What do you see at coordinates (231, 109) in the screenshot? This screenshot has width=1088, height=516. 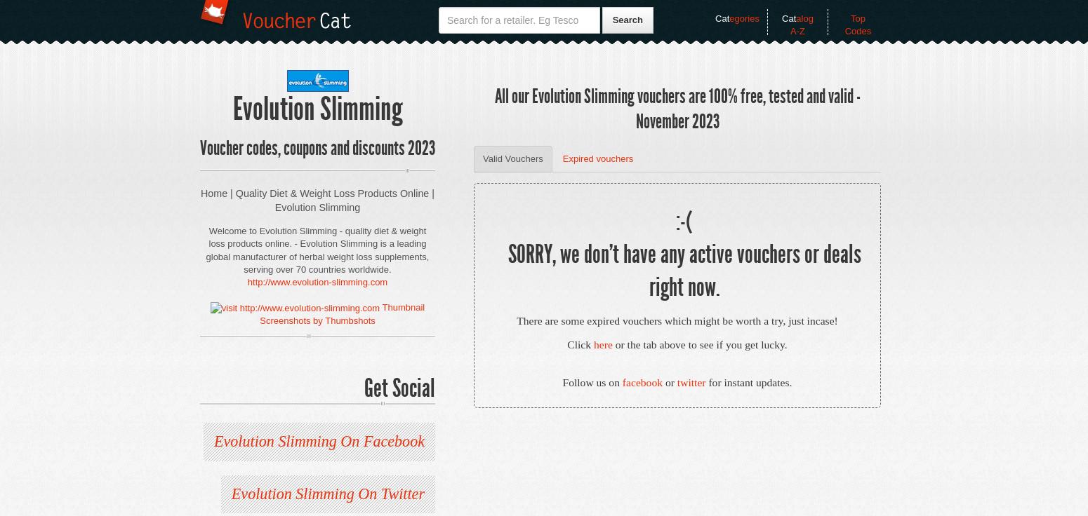 I see `'Evolution Slimming'` at bounding box center [231, 109].